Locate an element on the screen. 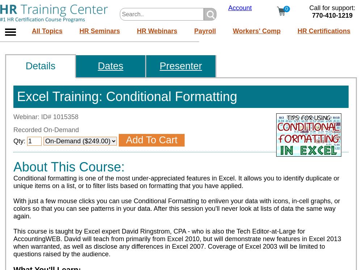 The height and width of the screenshot is (270, 362). 'Recorded On-Demand' is located at coordinates (46, 130).